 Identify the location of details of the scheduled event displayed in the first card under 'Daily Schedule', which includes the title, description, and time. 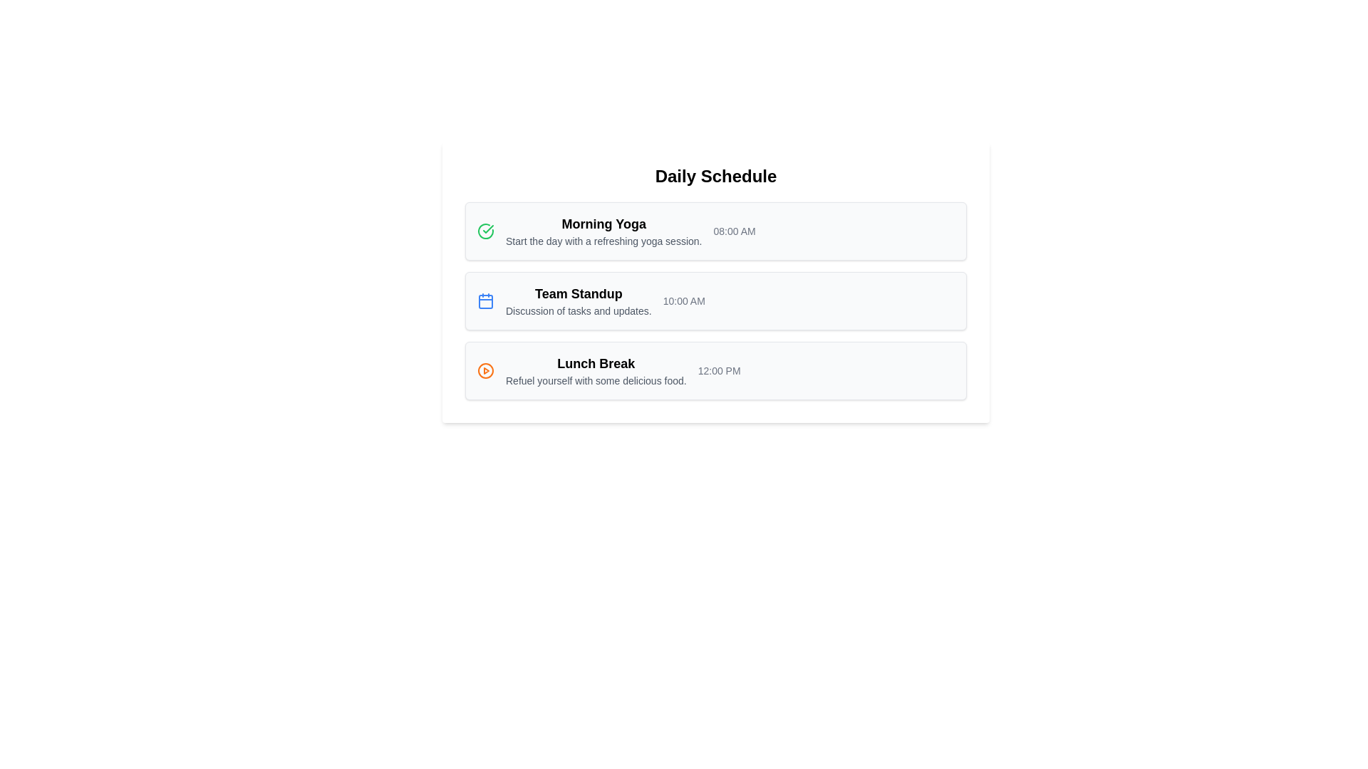
(715, 230).